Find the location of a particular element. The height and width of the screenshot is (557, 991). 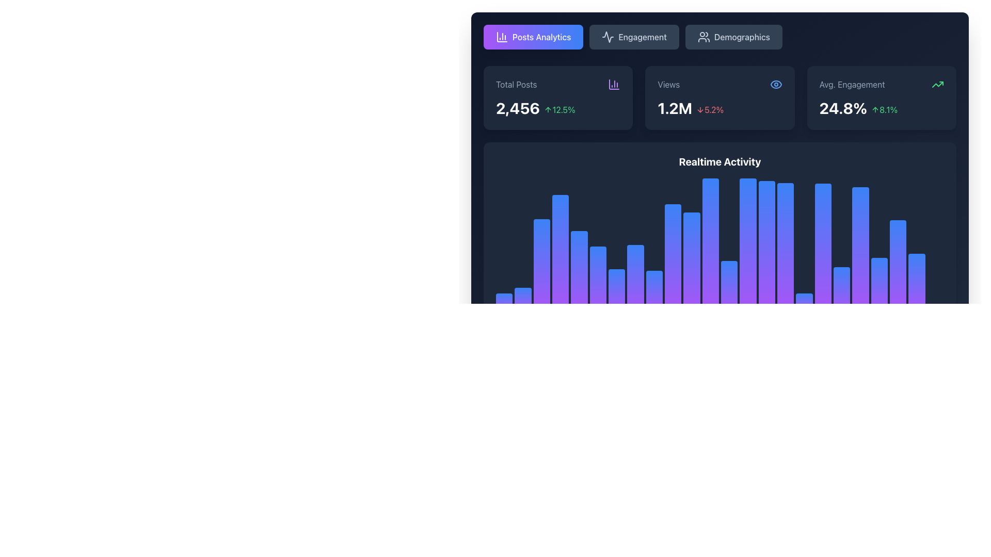

the displayed numeric value representing the count of total posts in the 'Posts Analytics' section of the dashboard is located at coordinates (518, 108).